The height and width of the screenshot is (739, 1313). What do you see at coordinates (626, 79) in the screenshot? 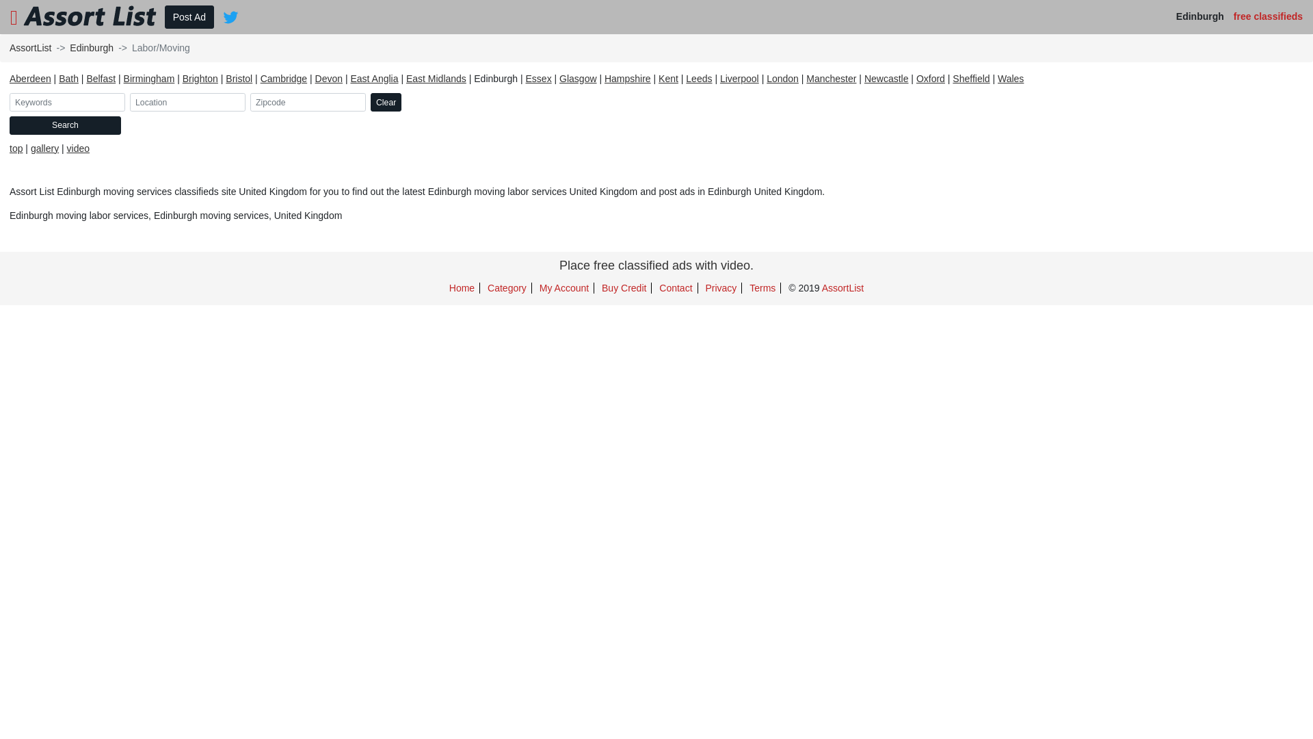
I see `'Hampshire'` at bounding box center [626, 79].